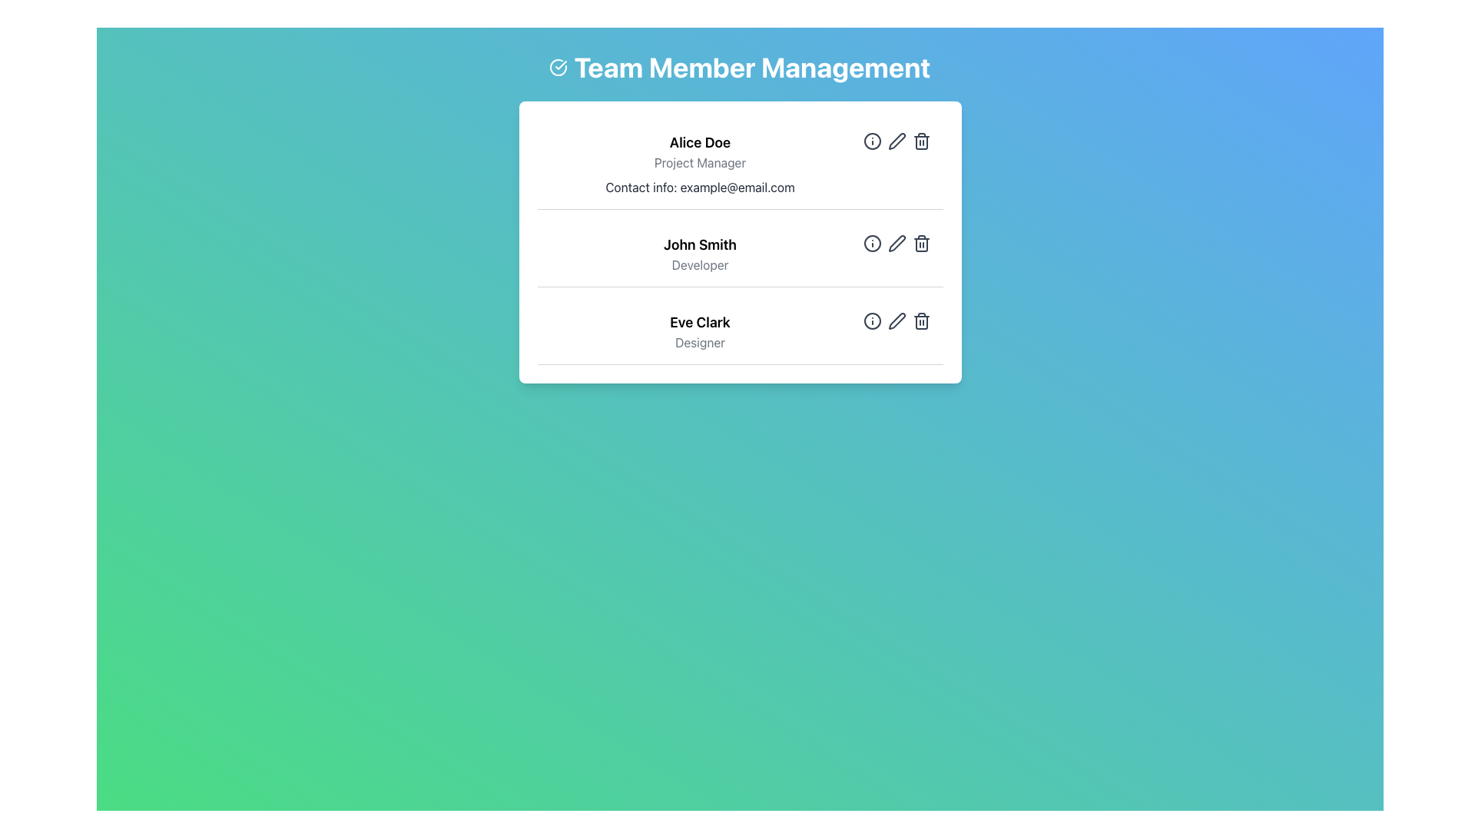  What do you see at coordinates (872, 141) in the screenshot?
I see `the button icon with an 'info' symbol located in the team member's management panel for 'Alice Doe', positioned to the left of the 'Edit' icon` at bounding box center [872, 141].